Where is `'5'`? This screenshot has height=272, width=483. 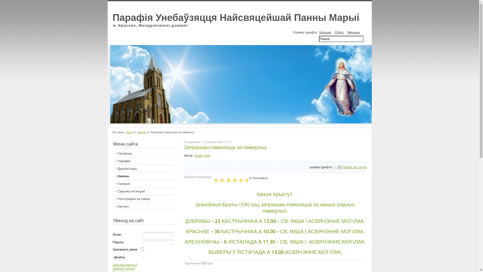 '5' is located at coordinates (230, 180).